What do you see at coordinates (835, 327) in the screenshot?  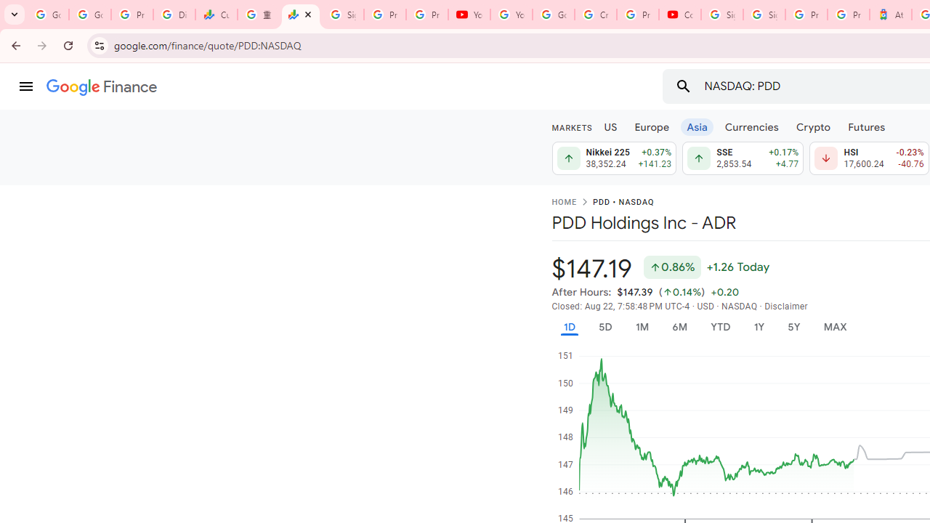 I see `'MAX'` at bounding box center [835, 327].